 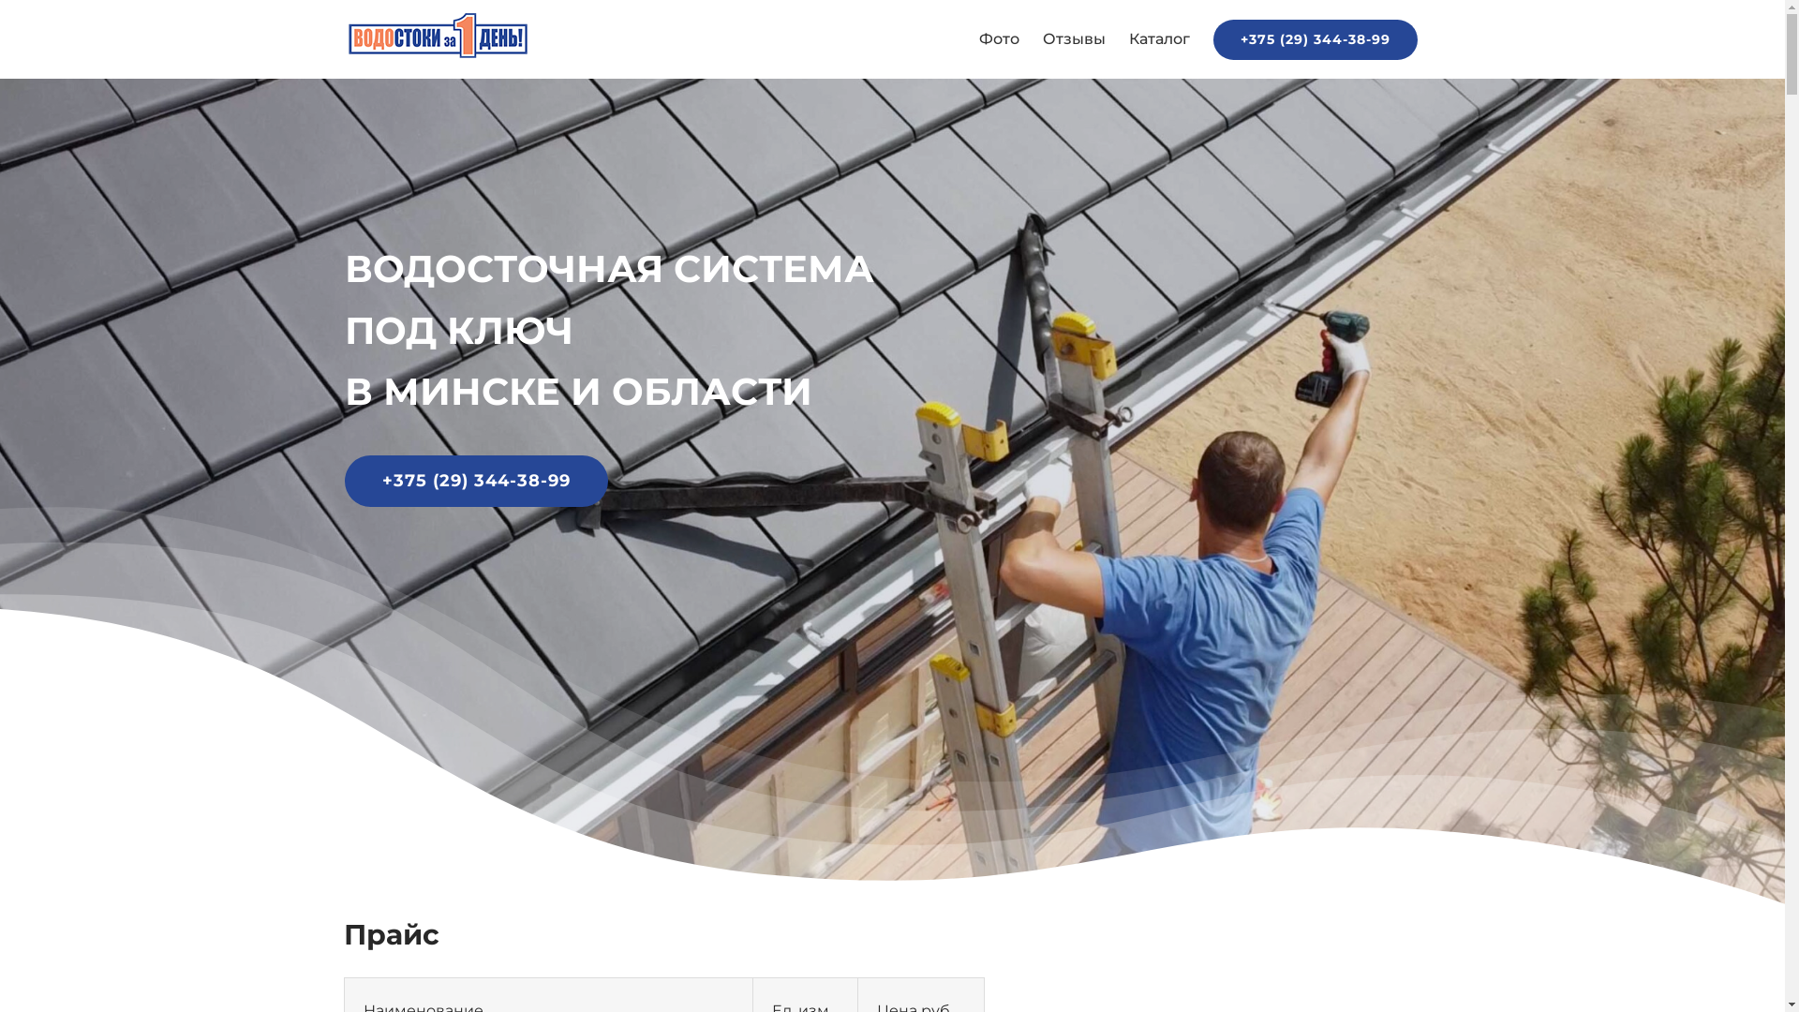 I want to click on '+375 (29) 344-38-99', so click(x=345, y=480).